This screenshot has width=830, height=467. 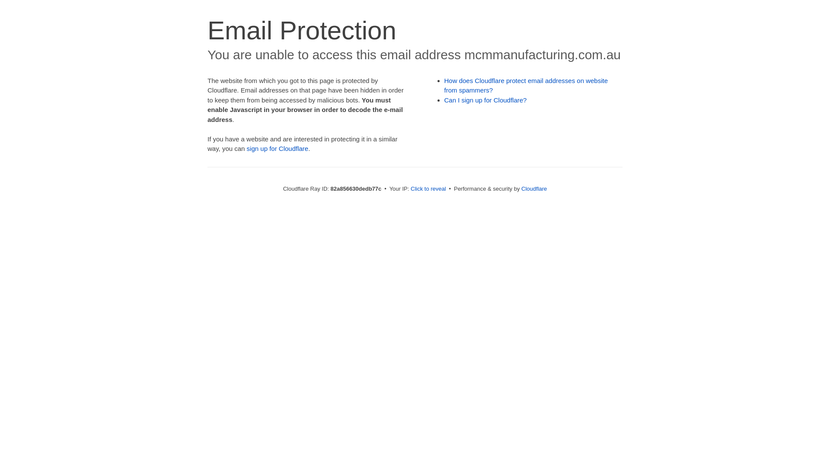 I want to click on 'Cloudflare', so click(x=520, y=188).